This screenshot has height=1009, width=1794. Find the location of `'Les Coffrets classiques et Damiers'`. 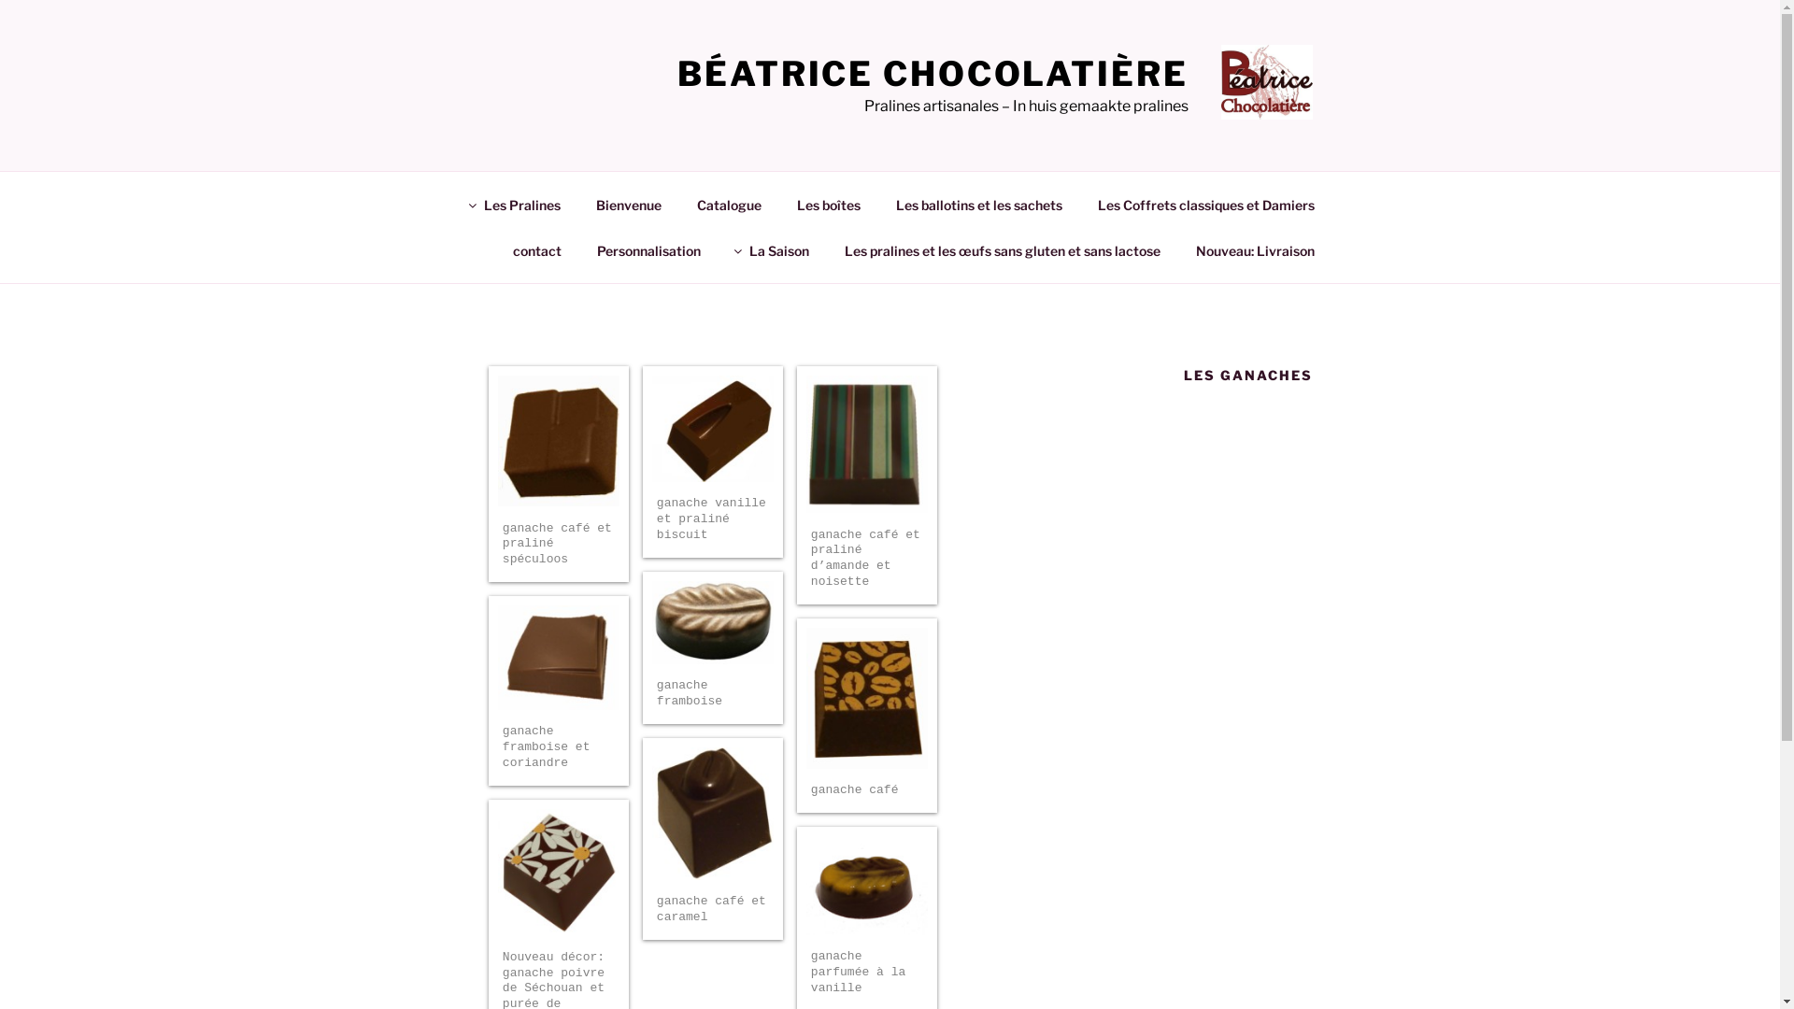

'Les Coffrets classiques et Damiers' is located at coordinates (1081, 204).